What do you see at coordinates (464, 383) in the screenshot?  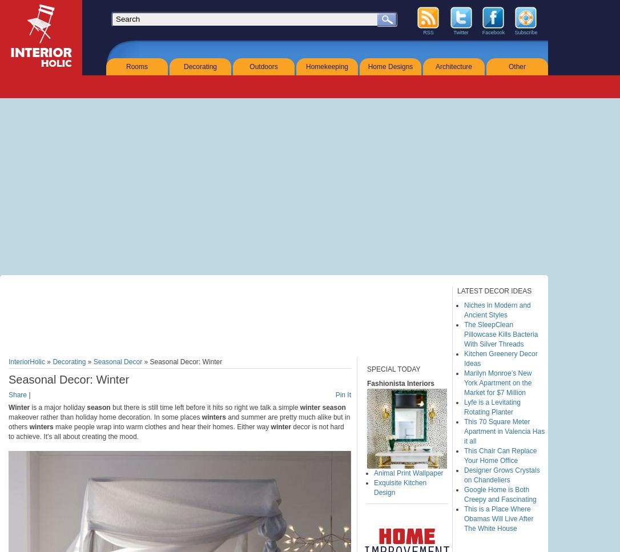 I see `'Marilyn Monroe’s New York Apartment on the Market for $7 Million'` at bounding box center [464, 383].